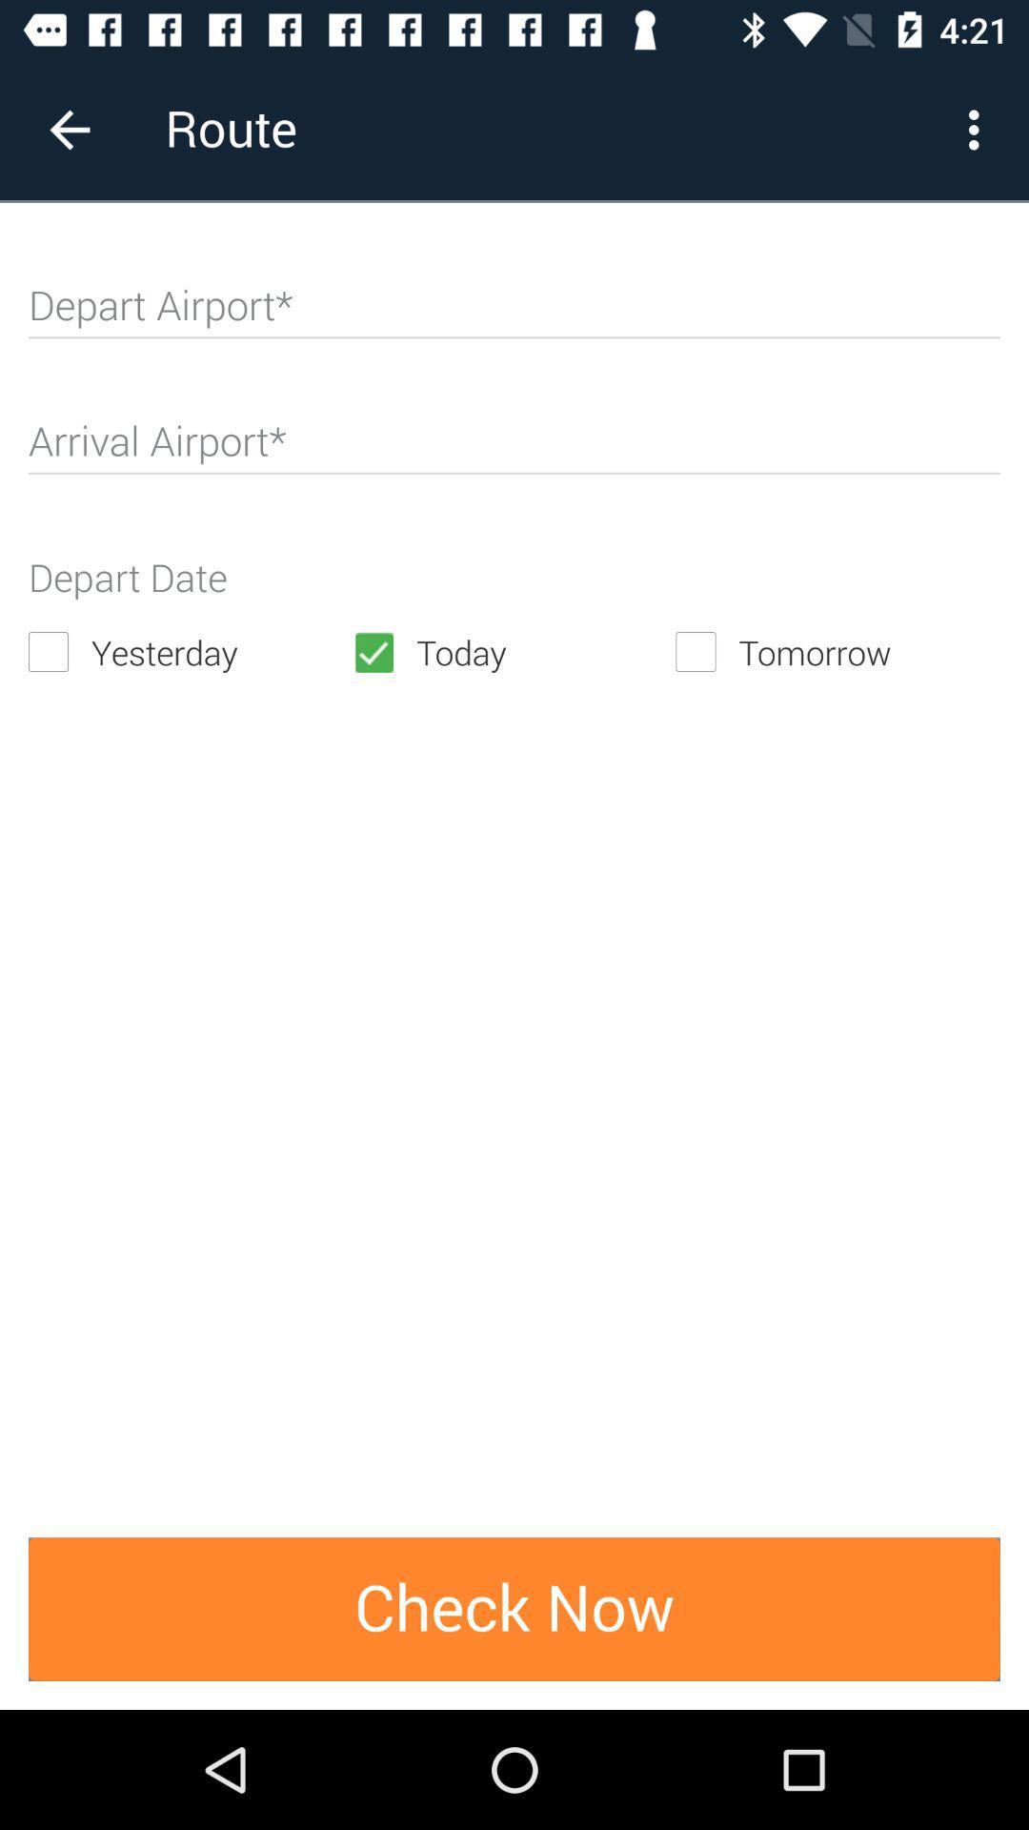  Describe the element at coordinates (514, 314) in the screenshot. I see `a blank text field for writing in the departing airport information` at that location.